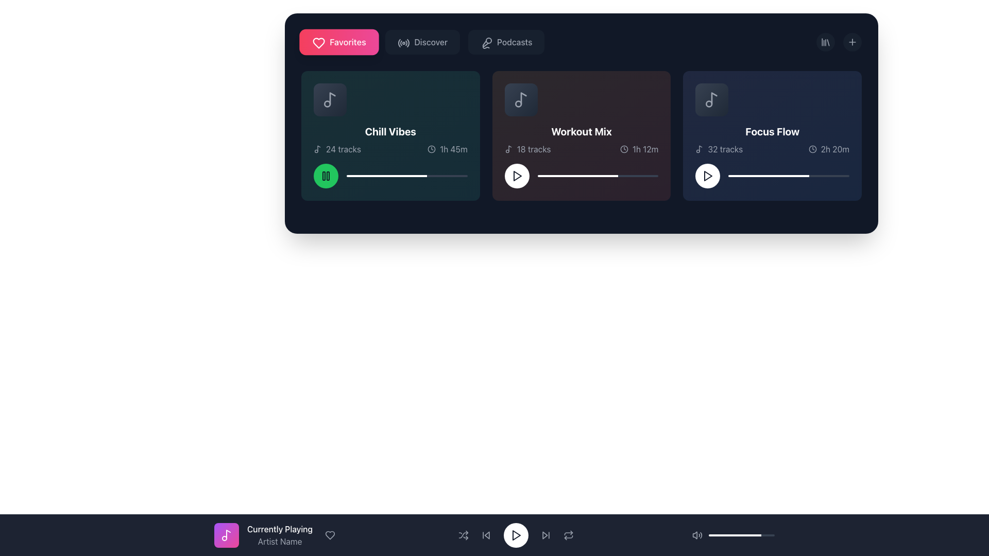 Image resolution: width=989 pixels, height=556 pixels. I want to click on the 'Discover' button, which is a rectangular button with a dark gray background and rounded corners, so click(422, 41).